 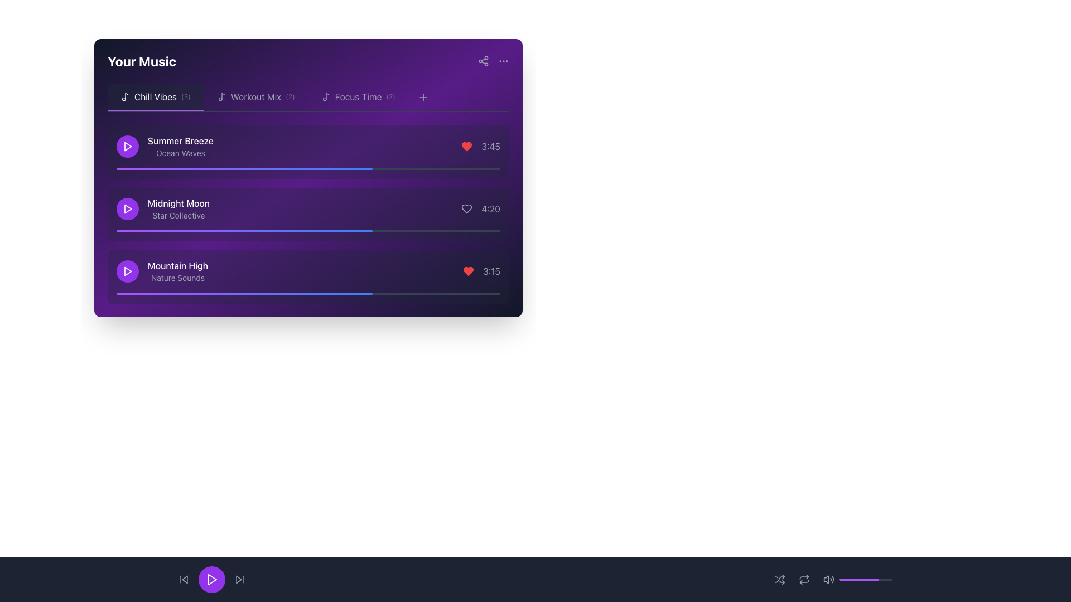 I want to click on the playback status of the progress bar located in the 'Summer Breeze' song section of the 'Chill Vibes' playlist, which is a horizontally oriented rectangular bar transitioning from purple to blue, so click(x=244, y=169).